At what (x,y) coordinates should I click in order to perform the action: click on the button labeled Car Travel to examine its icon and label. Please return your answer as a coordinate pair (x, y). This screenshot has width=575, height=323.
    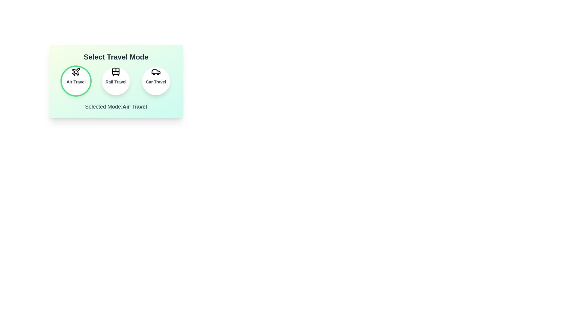
    Looking at the image, I should click on (155, 81).